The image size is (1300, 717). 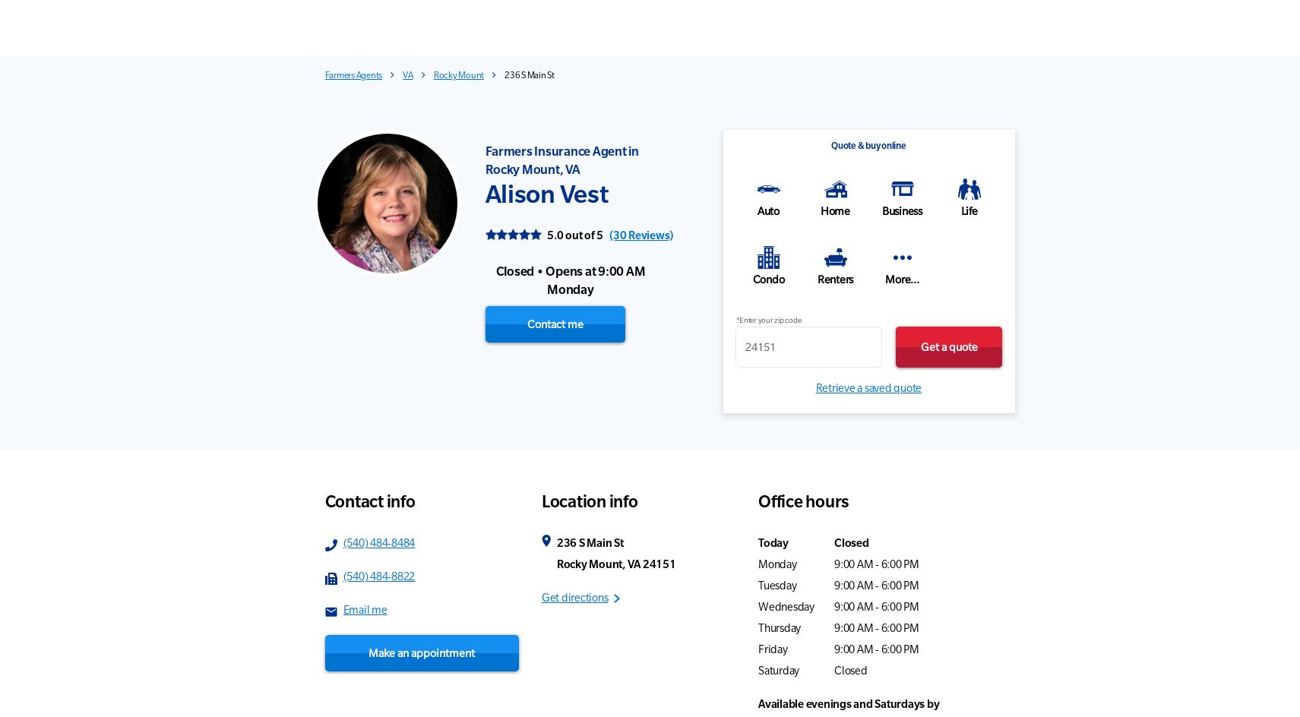 I want to click on 'Excellent service and advice', so click(x=565, y=153).